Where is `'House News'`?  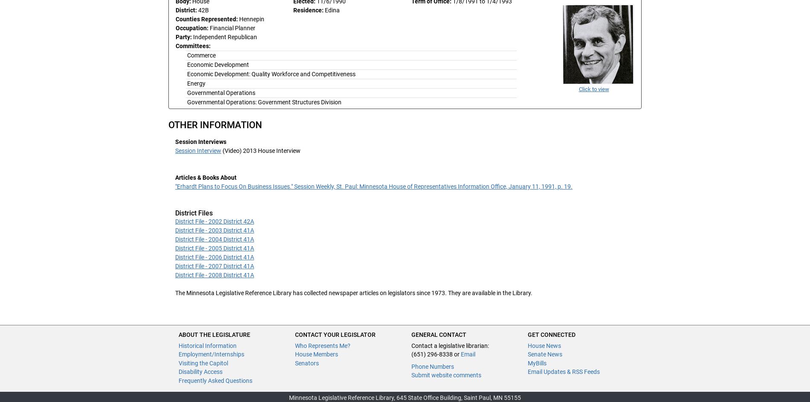 'House News' is located at coordinates (527, 345).